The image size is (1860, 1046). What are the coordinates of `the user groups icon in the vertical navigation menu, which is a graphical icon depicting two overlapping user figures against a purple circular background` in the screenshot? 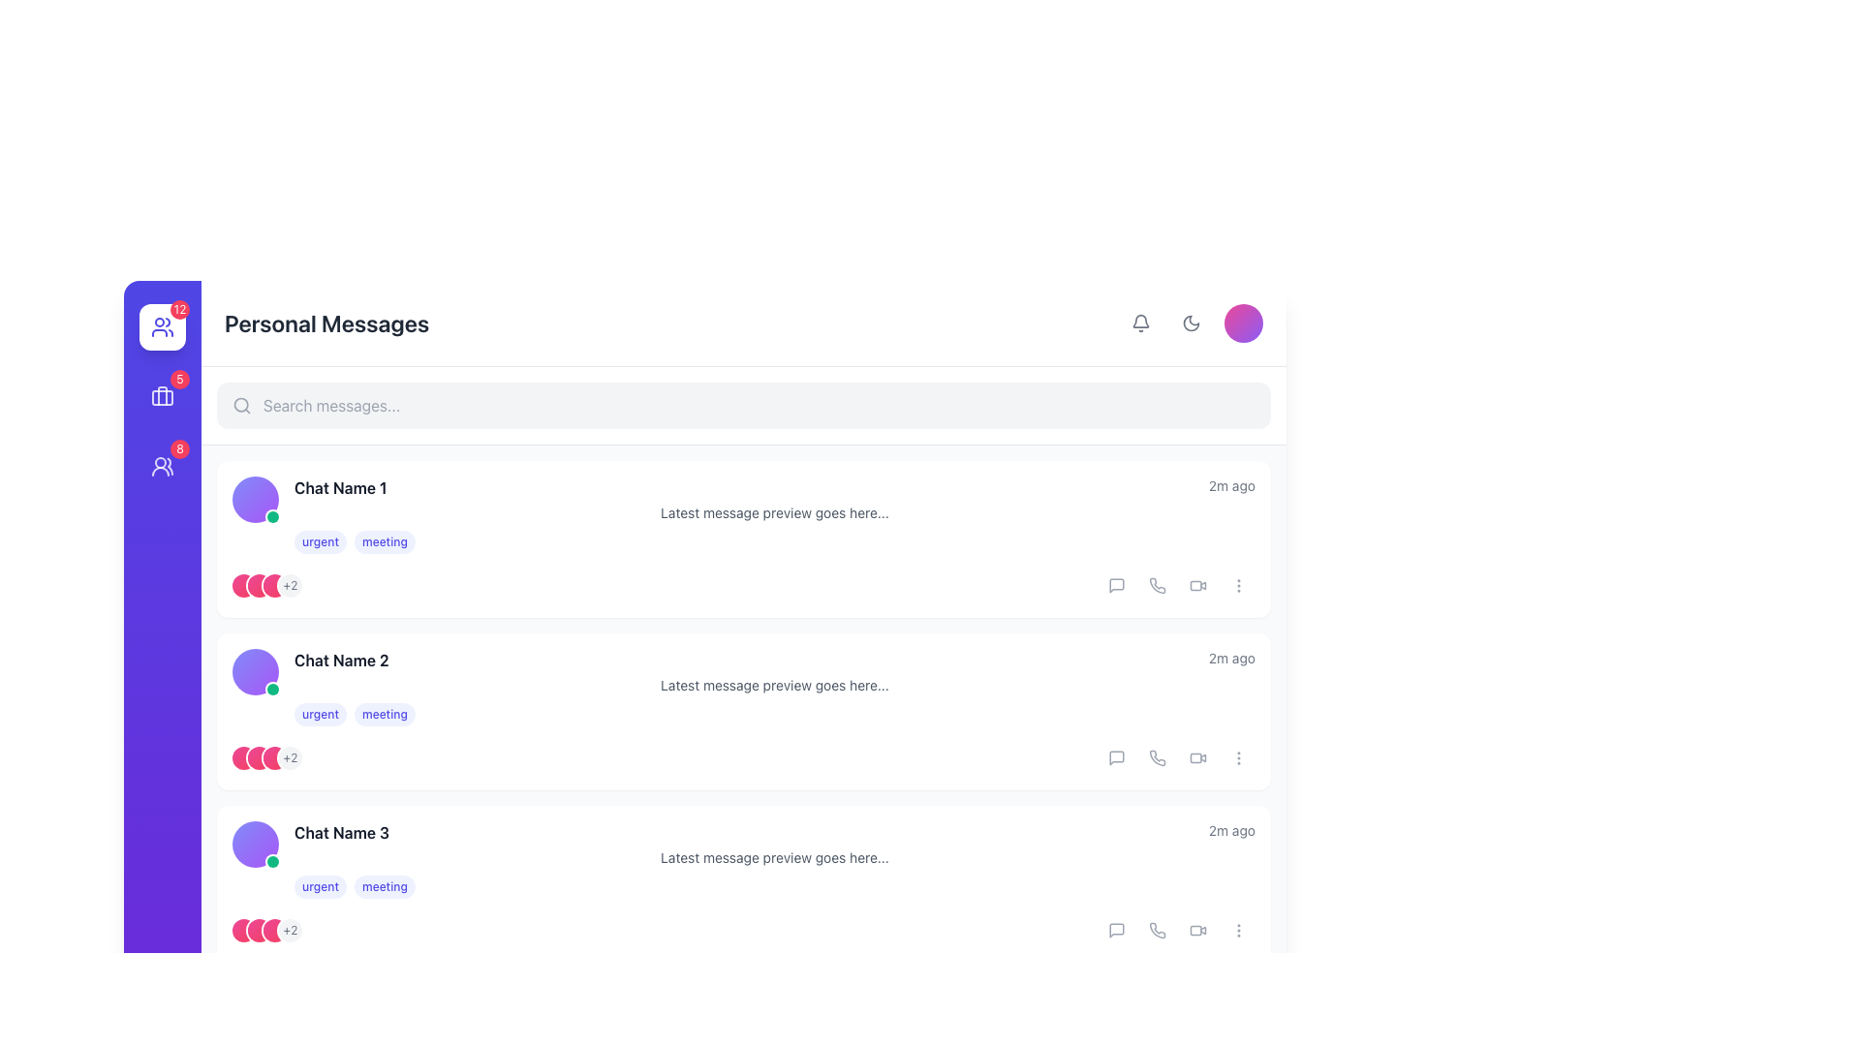 It's located at (163, 467).